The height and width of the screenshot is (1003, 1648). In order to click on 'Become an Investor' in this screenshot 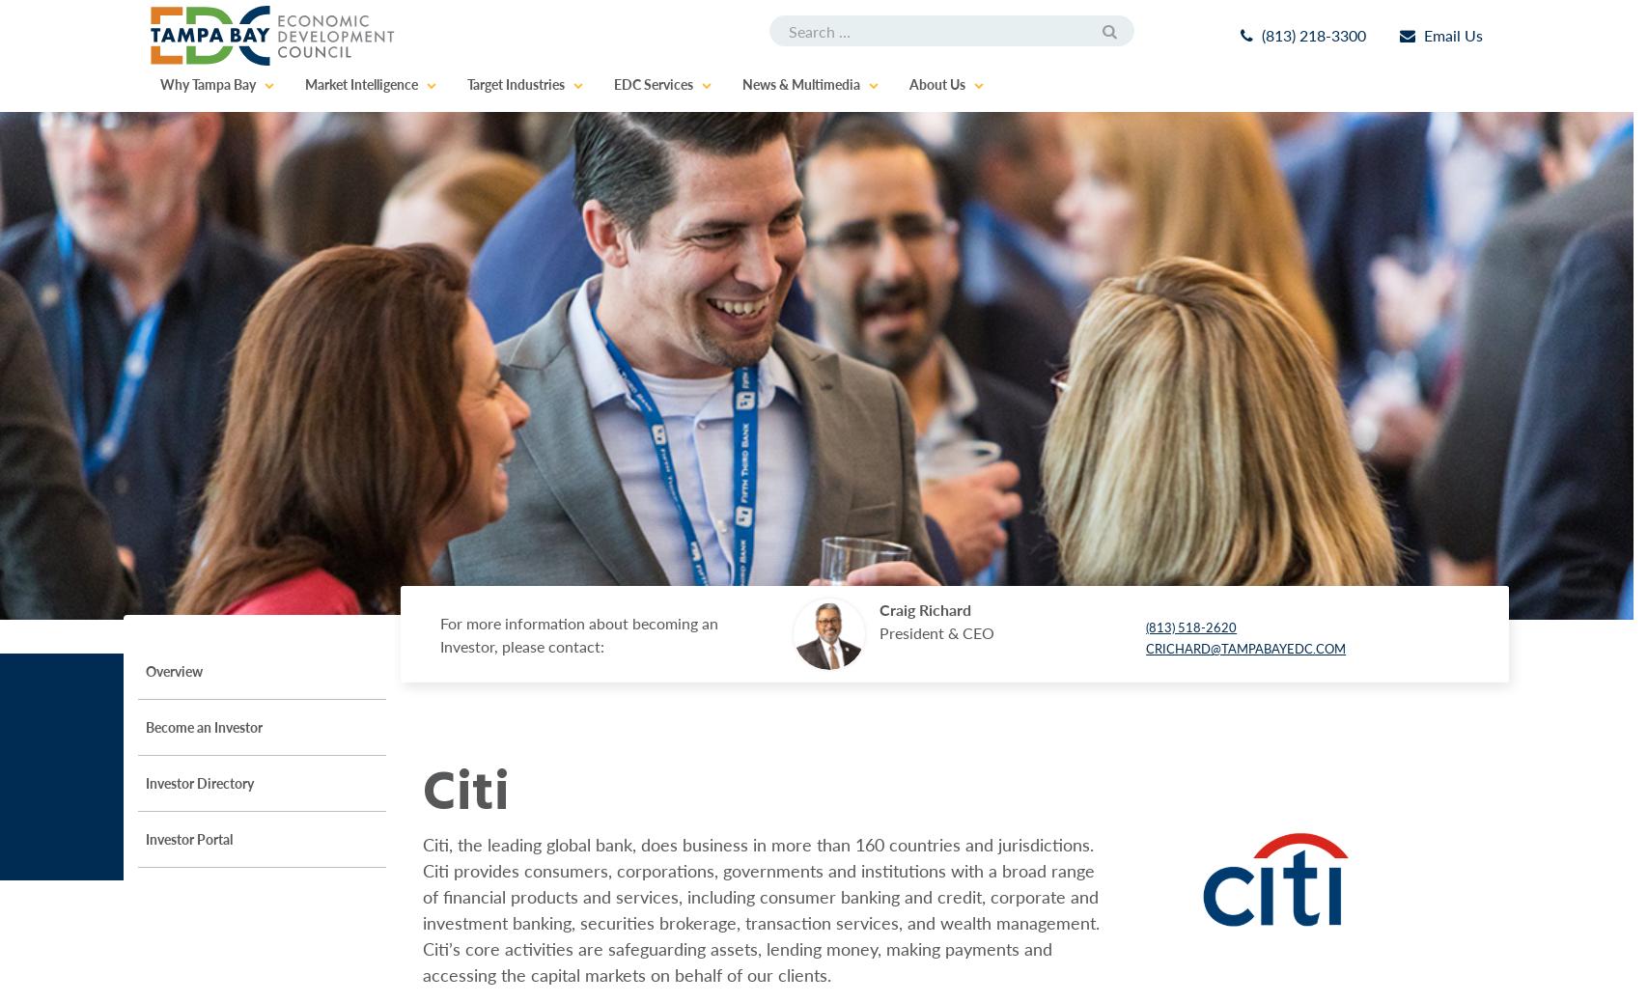, I will do `click(204, 725)`.